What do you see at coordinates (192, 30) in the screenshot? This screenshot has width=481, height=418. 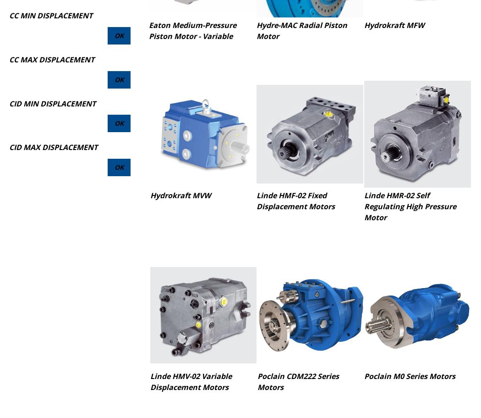 I see `'Eaton Medium-Pressure Piston Motor - Variable'` at bounding box center [192, 30].